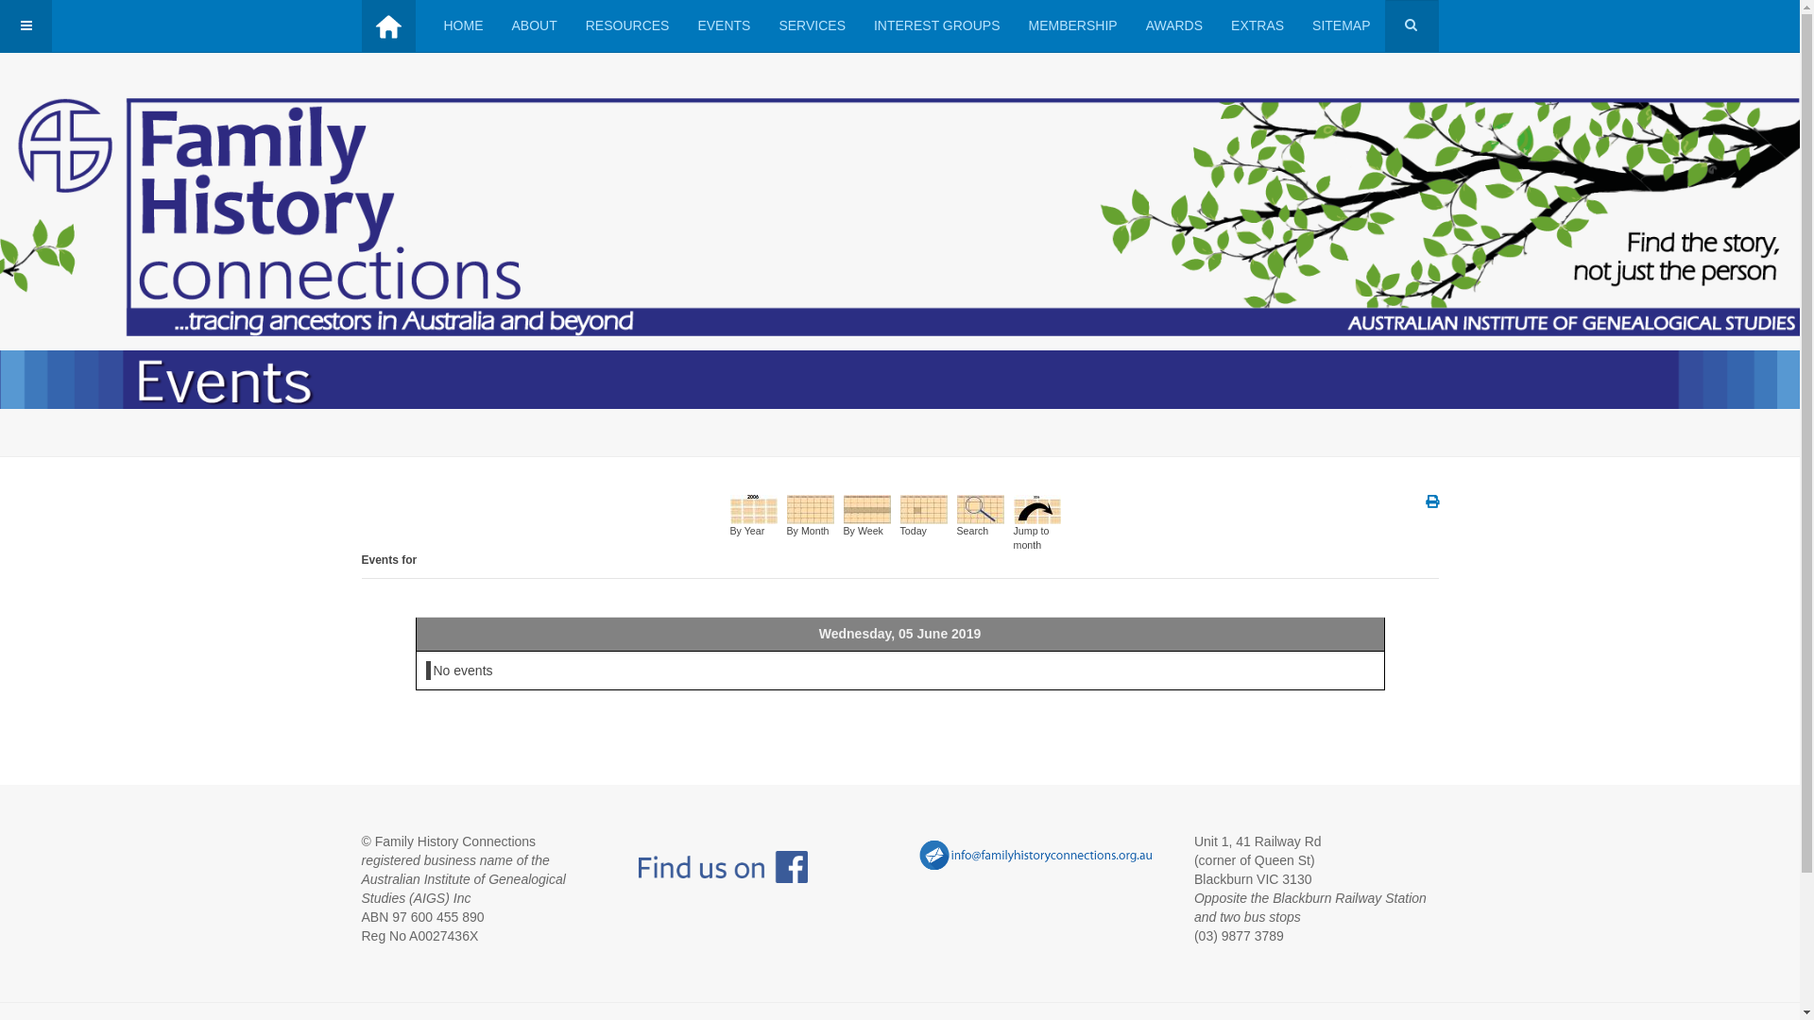 This screenshot has height=1020, width=1814. What do you see at coordinates (723, 25) in the screenshot?
I see `'EVENTS'` at bounding box center [723, 25].